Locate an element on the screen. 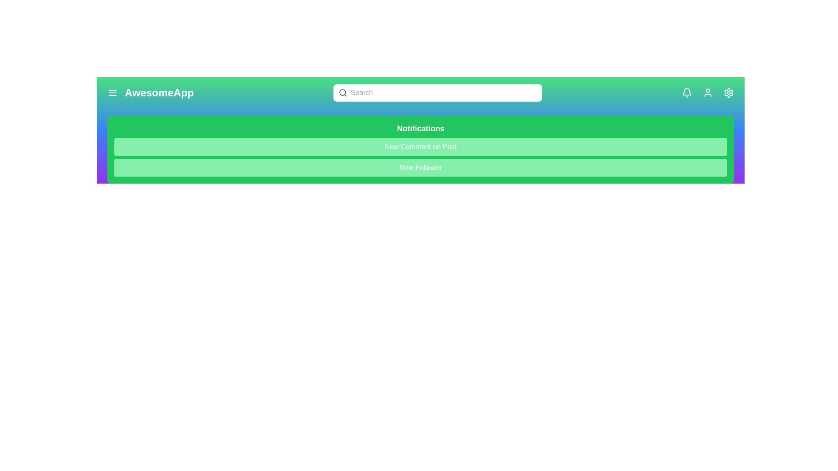 The image size is (838, 471). the Text Label that serves as a title or branding label, positioned within the header bar, to the right of a menu icon is located at coordinates (159, 92).